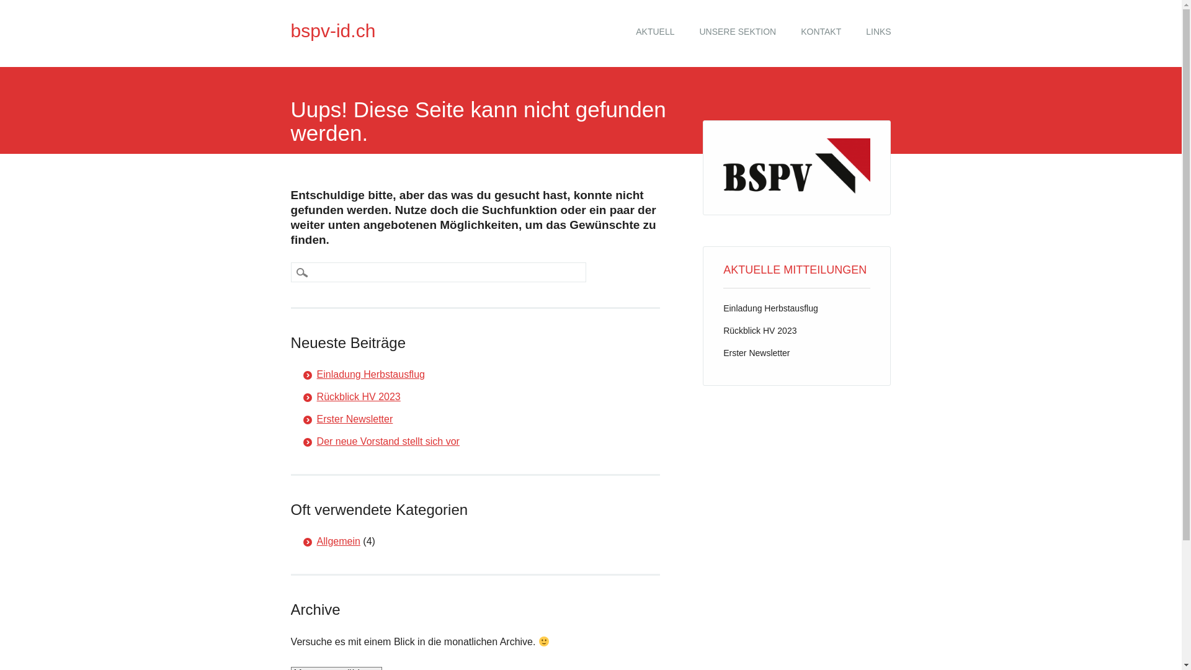  Describe the element at coordinates (853, 30) in the screenshot. I see `'LINKS'` at that location.